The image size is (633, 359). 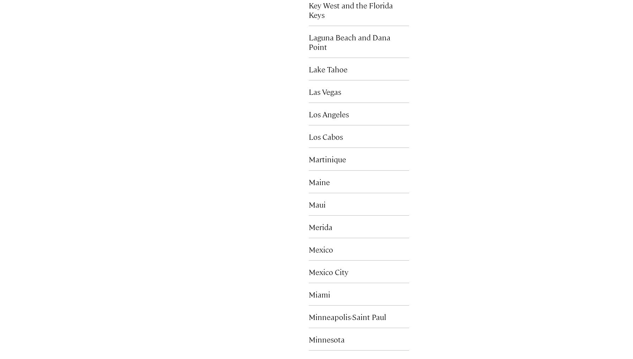 I want to click on 'Laguna Beach and Dana Point', so click(x=309, y=41).